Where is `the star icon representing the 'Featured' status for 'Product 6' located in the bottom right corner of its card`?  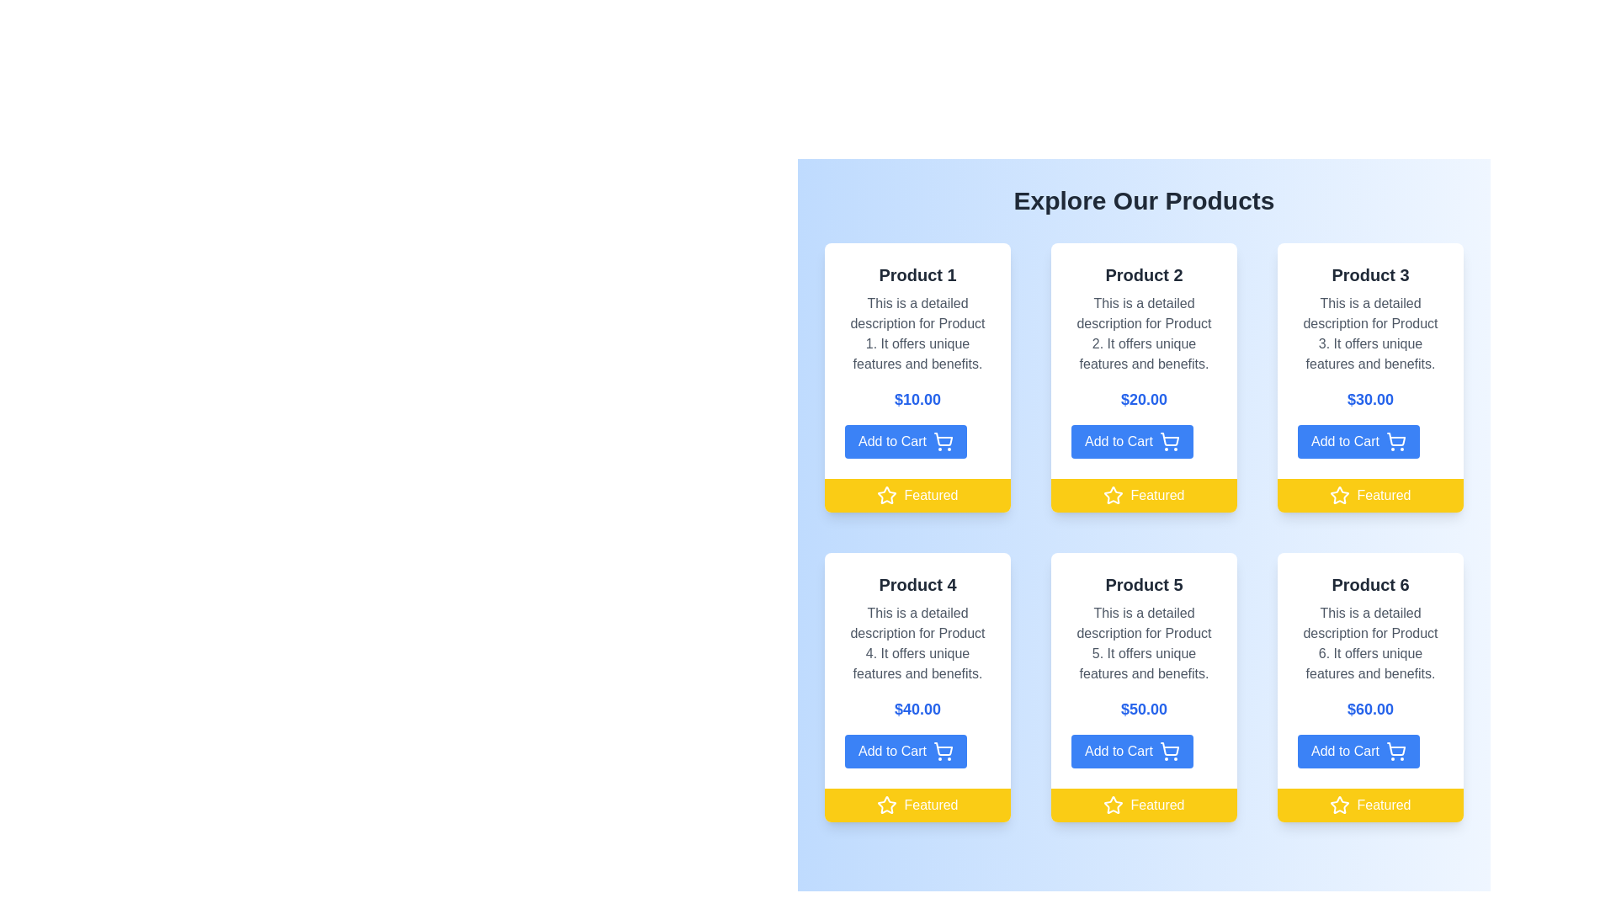 the star icon representing the 'Featured' status for 'Product 6' located in the bottom right corner of its card is located at coordinates (1339, 804).